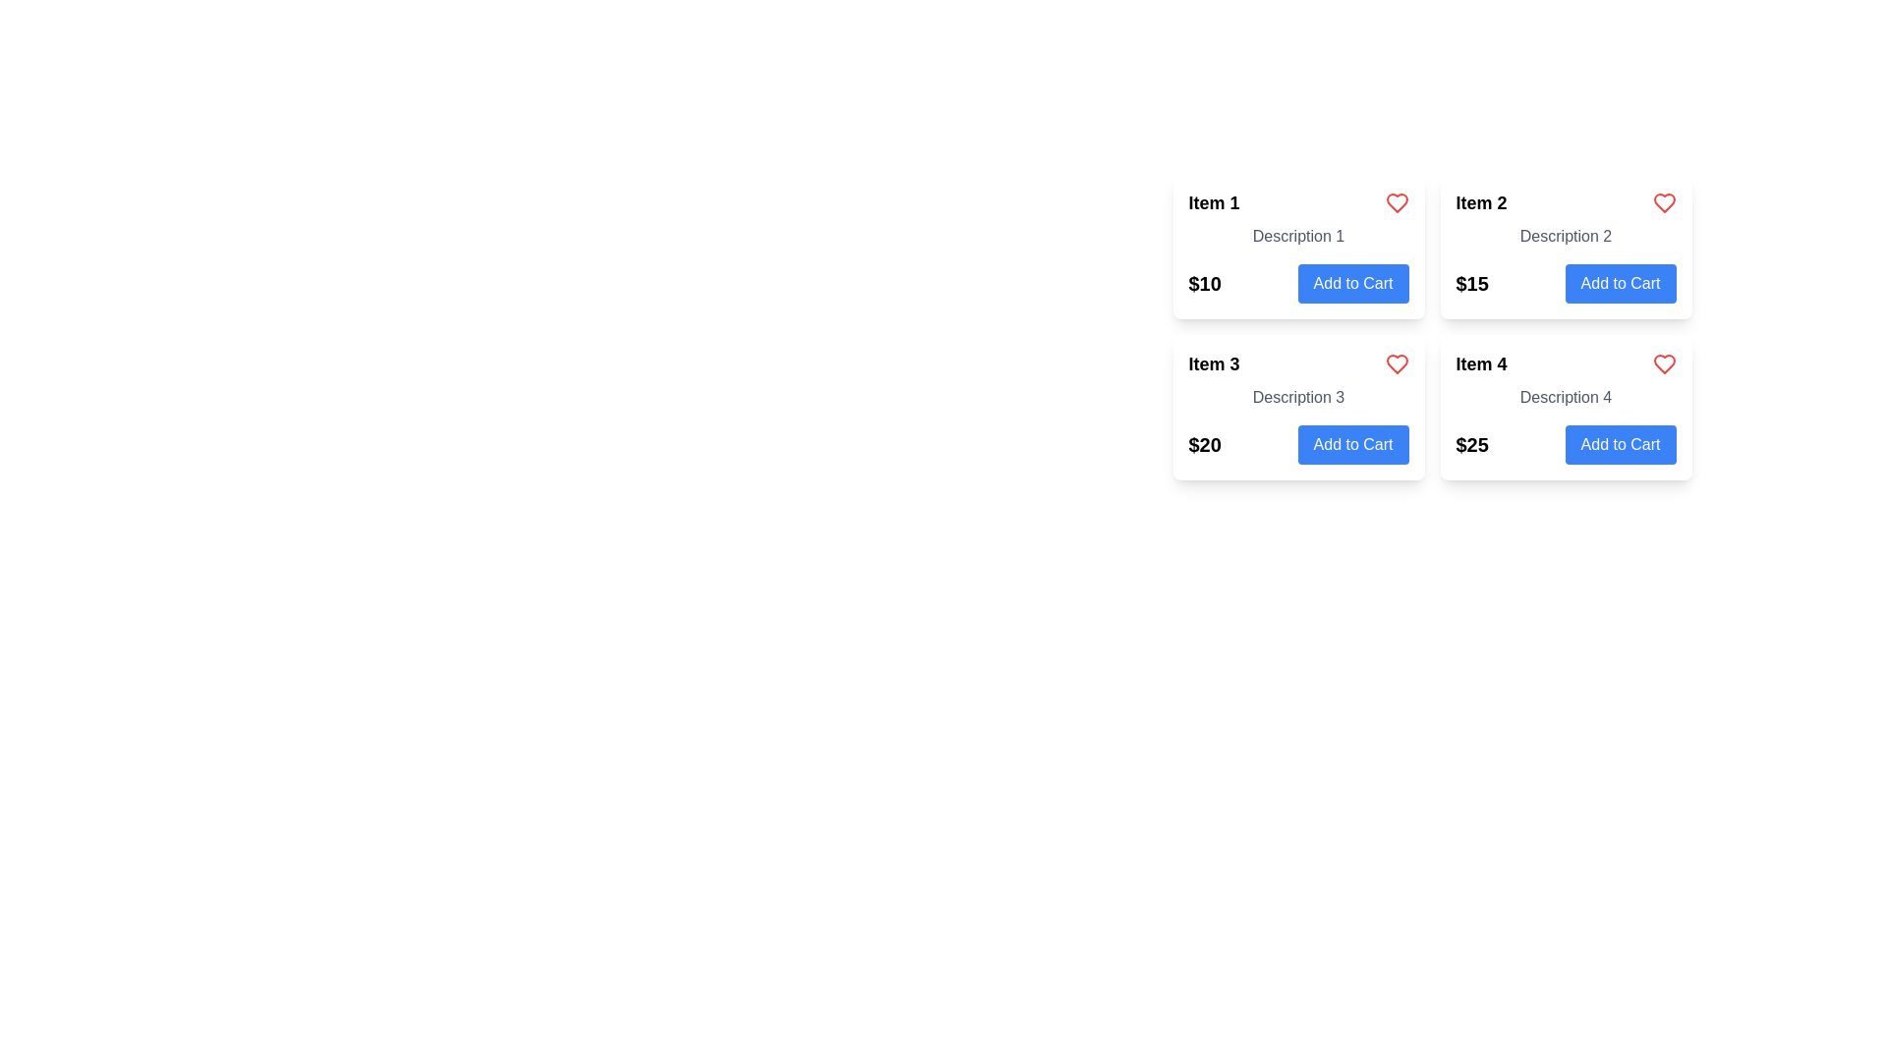 This screenshot has width=1887, height=1061. Describe the element at coordinates (1663, 363) in the screenshot. I see `the heart icon button outlined in red located at the top-right corner of the card for 'Item 4'` at that location.